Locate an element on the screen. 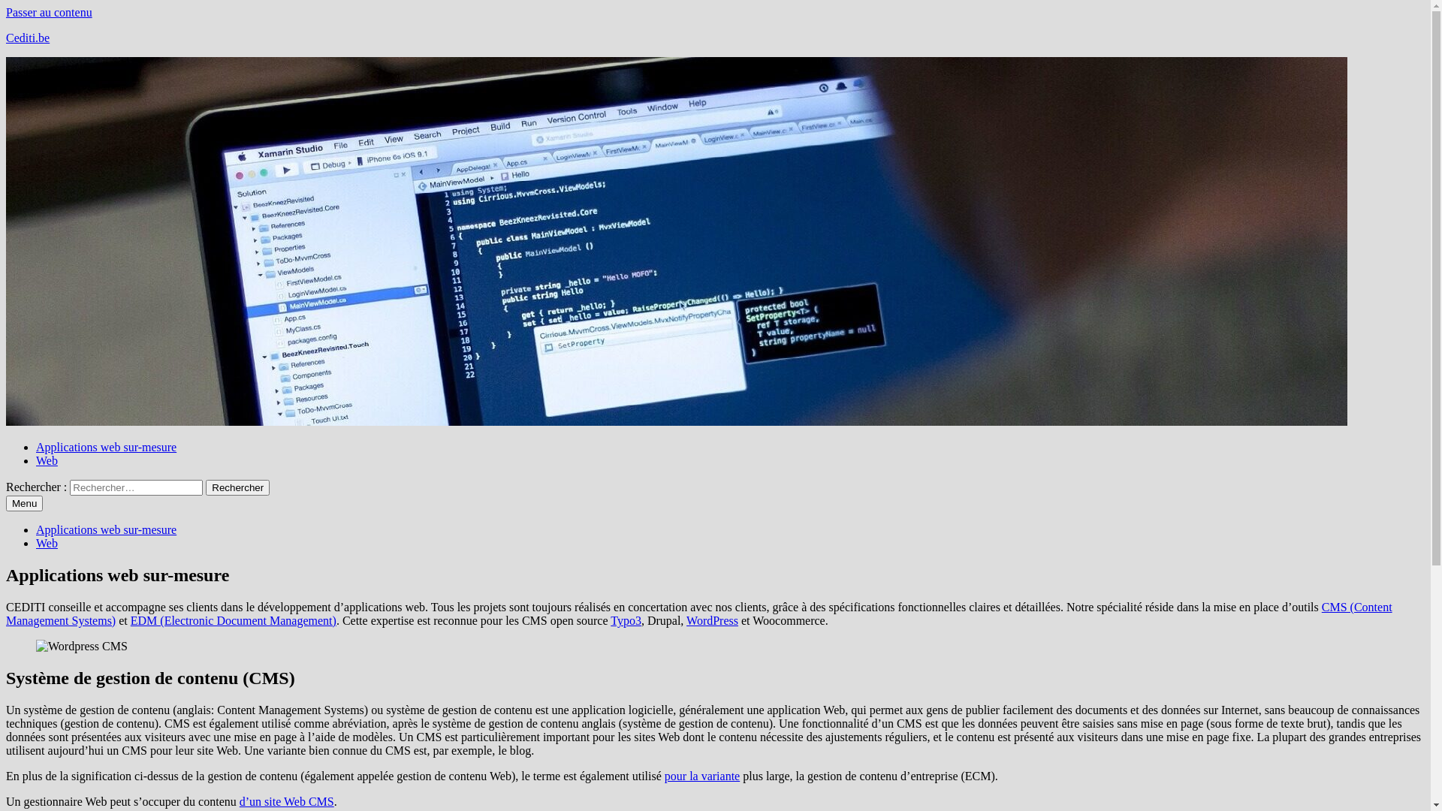 Image resolution: width=1442 pixels, height=811 pixels. 'Cediti.be' is located at coordinates (28, 37).